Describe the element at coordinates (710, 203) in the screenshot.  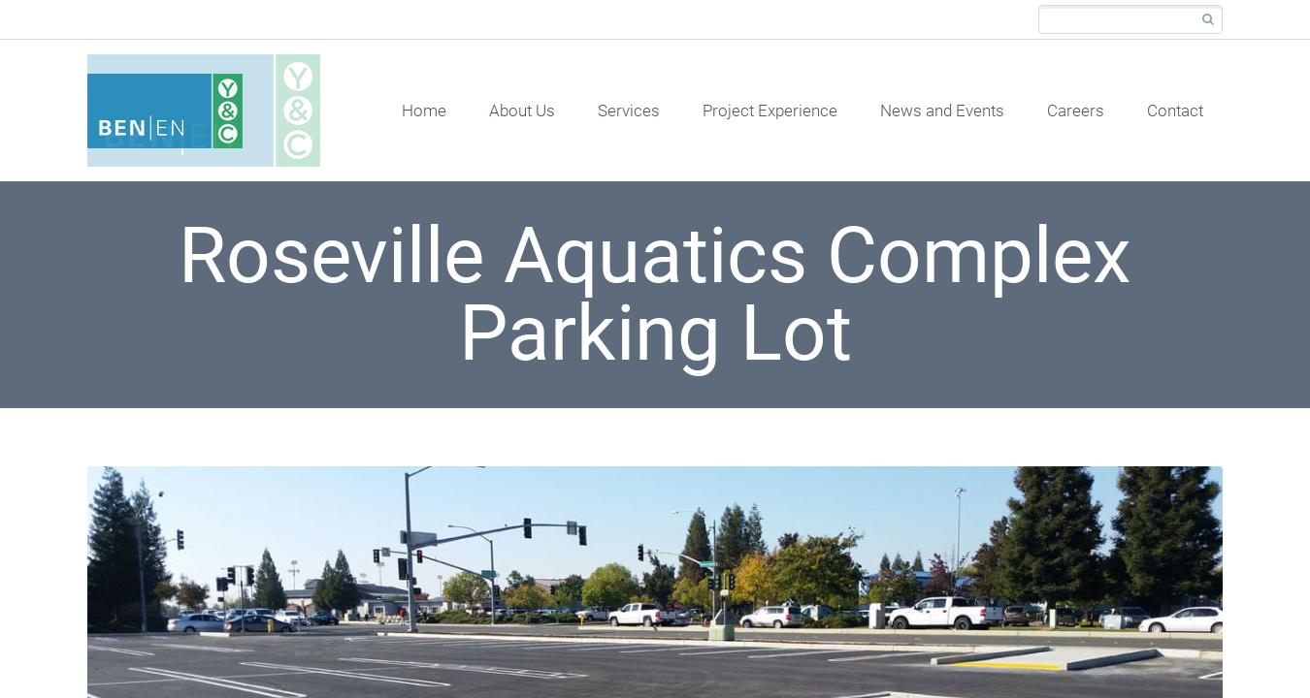
I see `'Transportation & Traffic'` at that location.